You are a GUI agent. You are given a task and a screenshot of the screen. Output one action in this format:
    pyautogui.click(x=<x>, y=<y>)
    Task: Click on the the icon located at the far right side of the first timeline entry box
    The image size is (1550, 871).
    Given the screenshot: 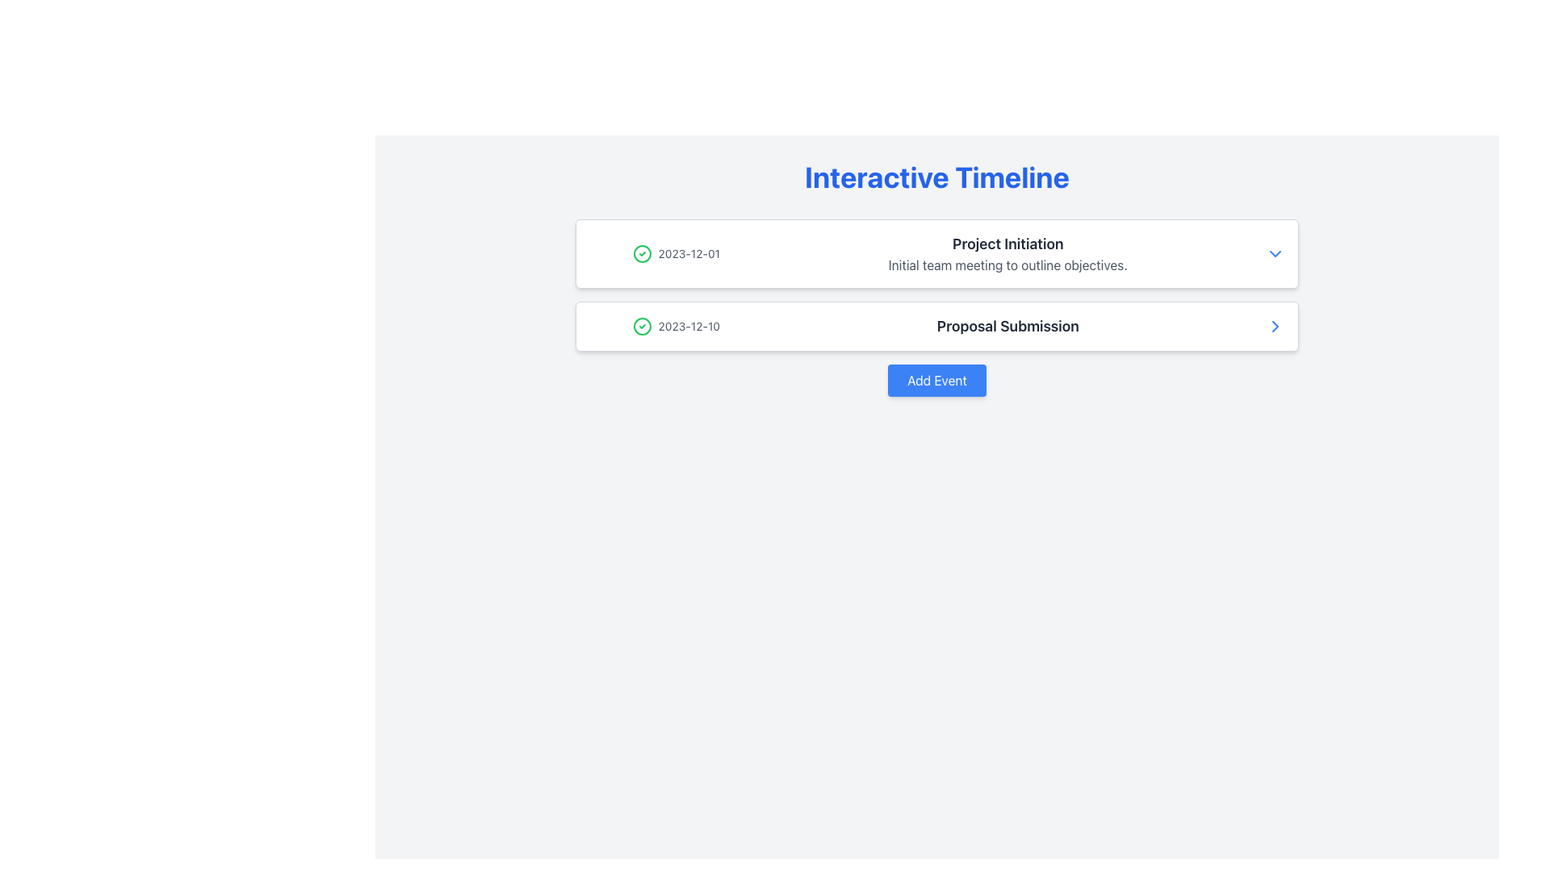 What is the action you would take?
    pyautogui.click(x=1274, y=254)
    